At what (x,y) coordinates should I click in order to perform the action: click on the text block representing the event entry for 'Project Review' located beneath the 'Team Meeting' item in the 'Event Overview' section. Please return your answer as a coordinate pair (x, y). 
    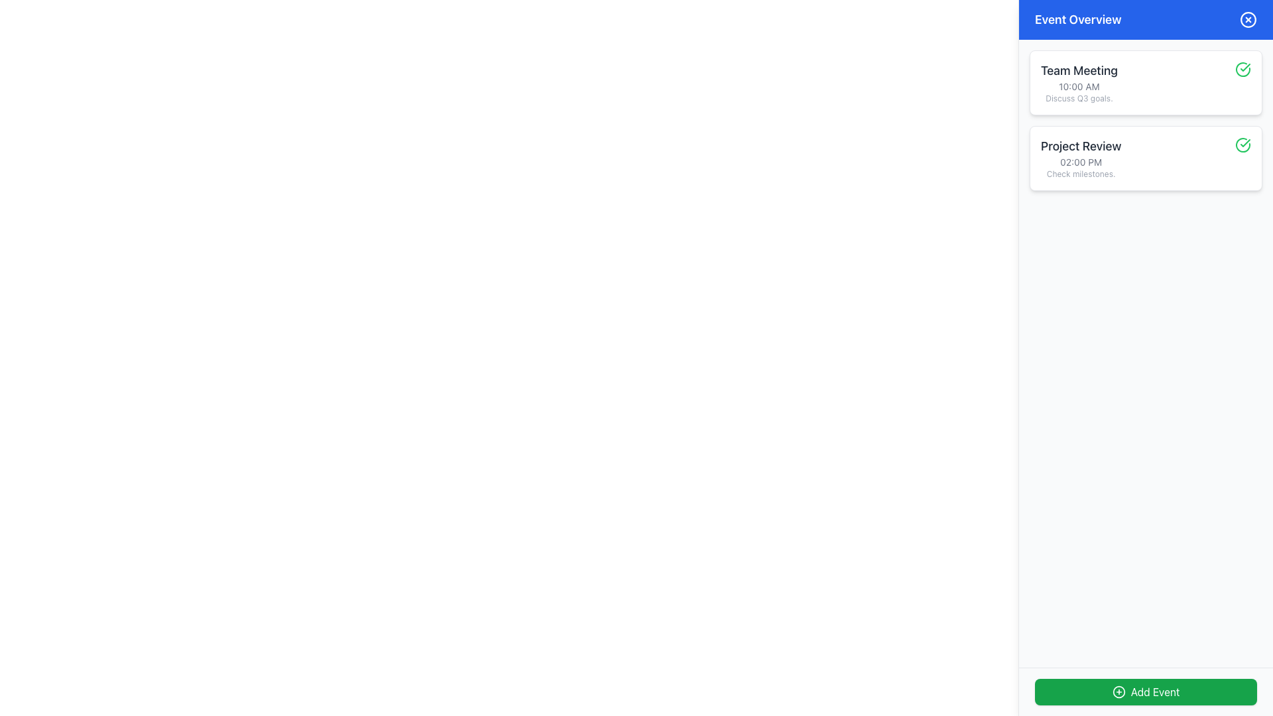
    Looking at the image, I should click on (1081, 158).